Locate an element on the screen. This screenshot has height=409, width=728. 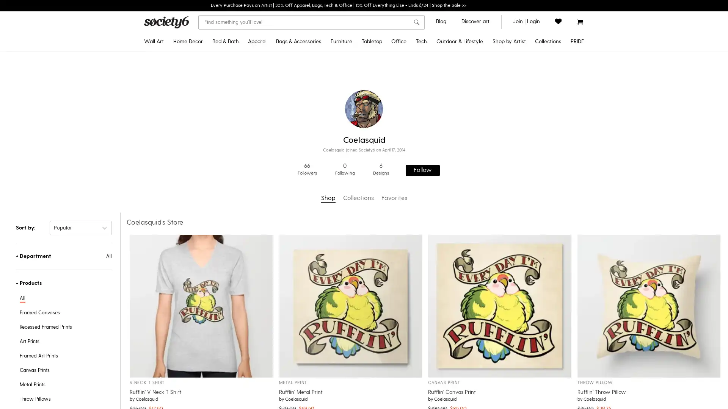
Office is located at coordinates (398, 42).